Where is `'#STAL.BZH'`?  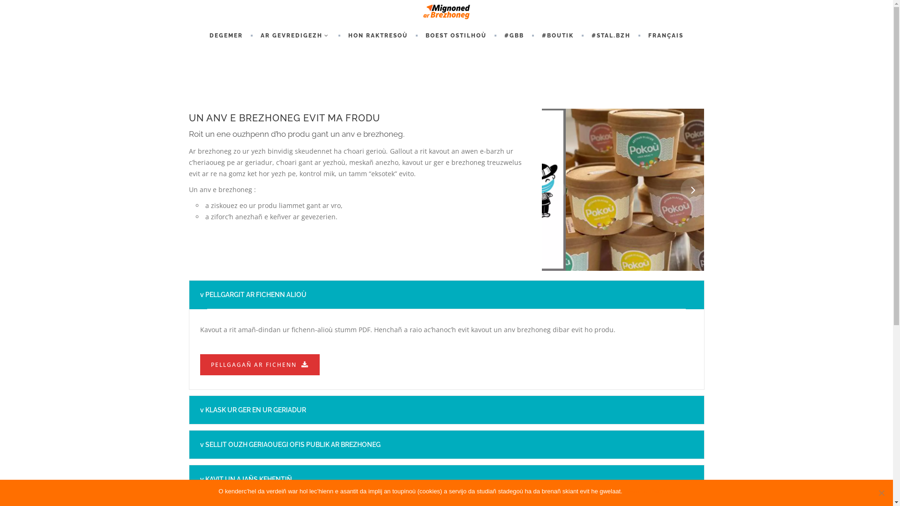
'#STAL.BZH' is located at coordinates (611, 35).